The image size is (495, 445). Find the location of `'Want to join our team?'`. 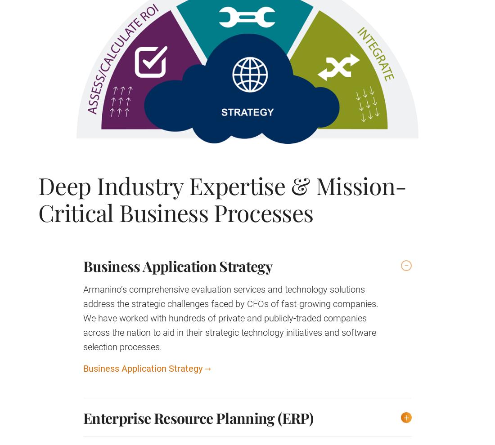

'Want to join our team?' is located at coordinates (179, 160).